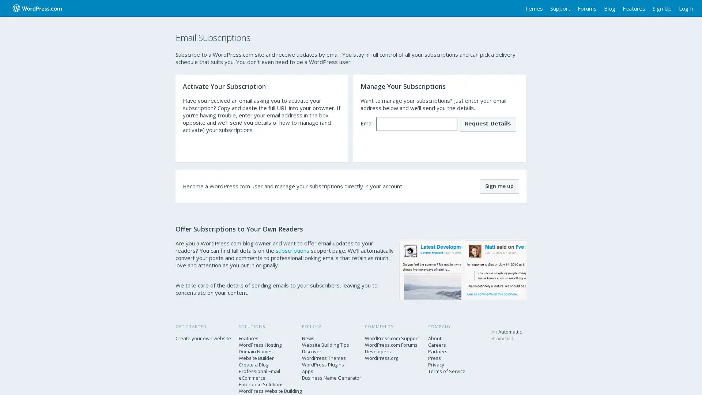 This screenshot has width=702, height=395. Describe the element at coordinates (487, 124) in the screenshot. I see `Request Details` at that location.